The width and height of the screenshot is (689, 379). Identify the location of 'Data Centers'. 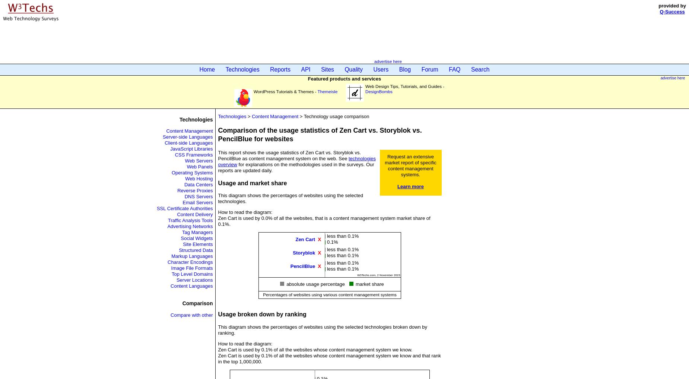
(198, 184).